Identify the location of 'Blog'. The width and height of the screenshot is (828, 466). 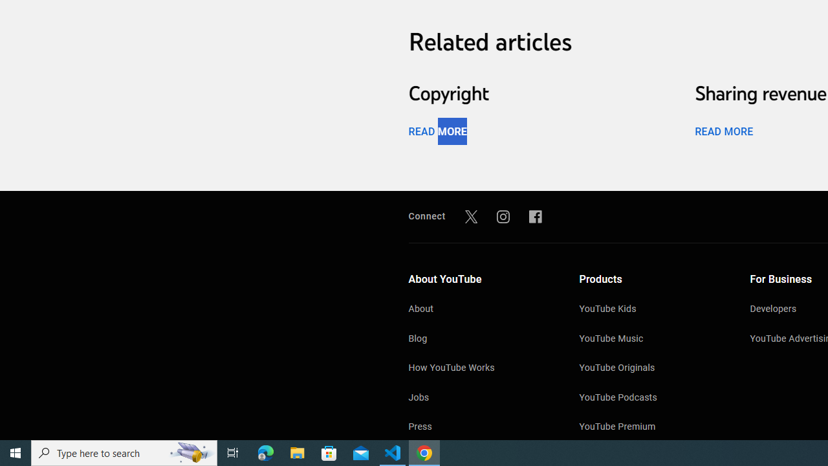
(480, 338).